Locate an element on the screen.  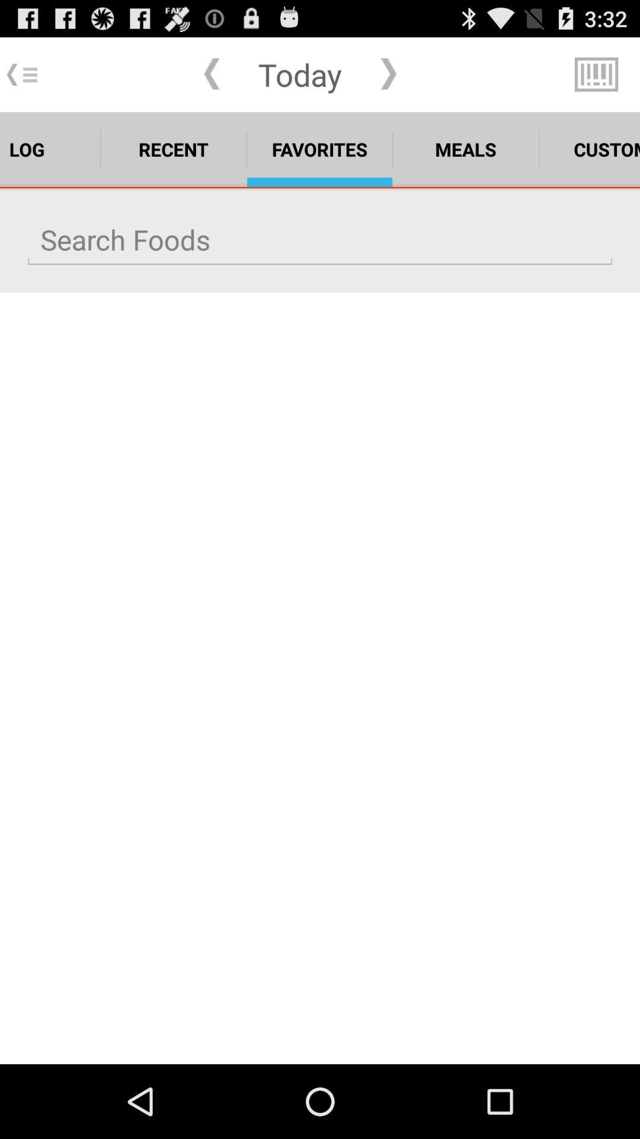
icon above custom item is located at coordinates (596, 74).